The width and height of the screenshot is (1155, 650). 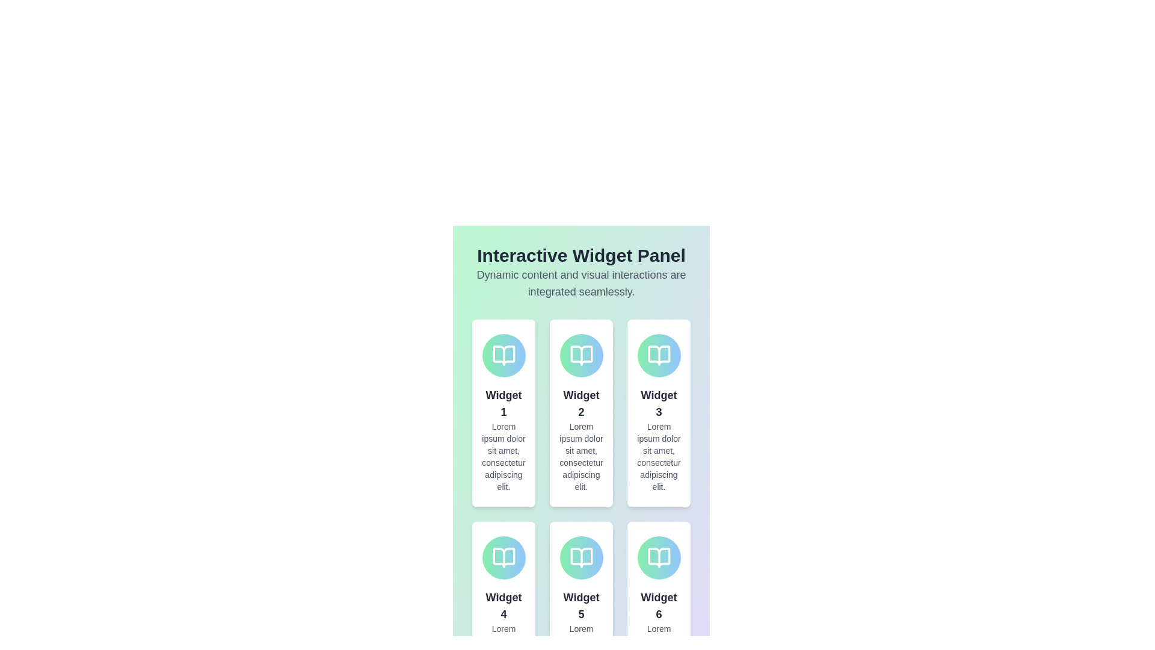 What do you see at coordinates (581, 557) in the screenshot?
I see `the open book SVG icon, which is centrally located in the fifth widget of the layout, in the second row and second column of a three-column grid, featuring a white outline against a gradient background` at bounding box center [581, 557].